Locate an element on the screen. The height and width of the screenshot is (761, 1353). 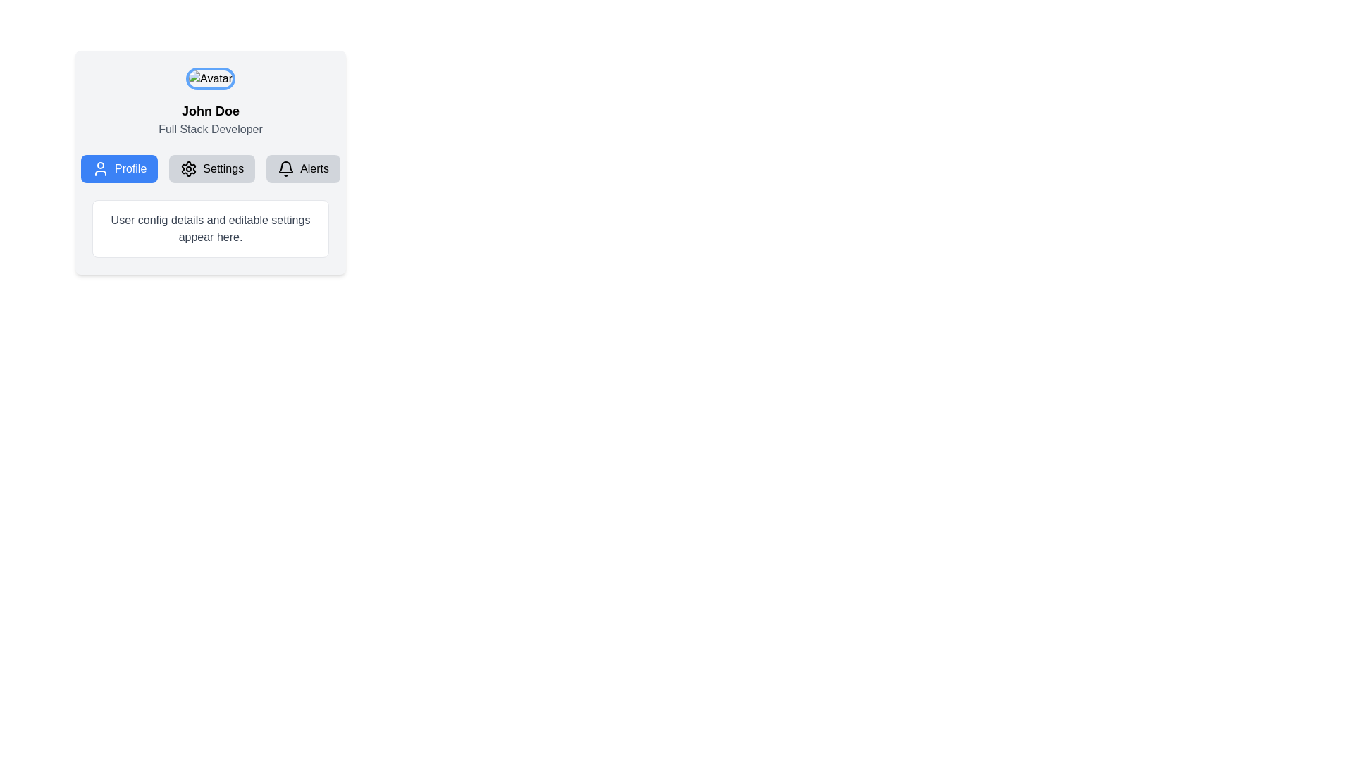
the 'Settings' button in the toolbar, which is centrally aligned below the 'John Doe, Full Stack Developer' text block is located at coordinates (209, 168).